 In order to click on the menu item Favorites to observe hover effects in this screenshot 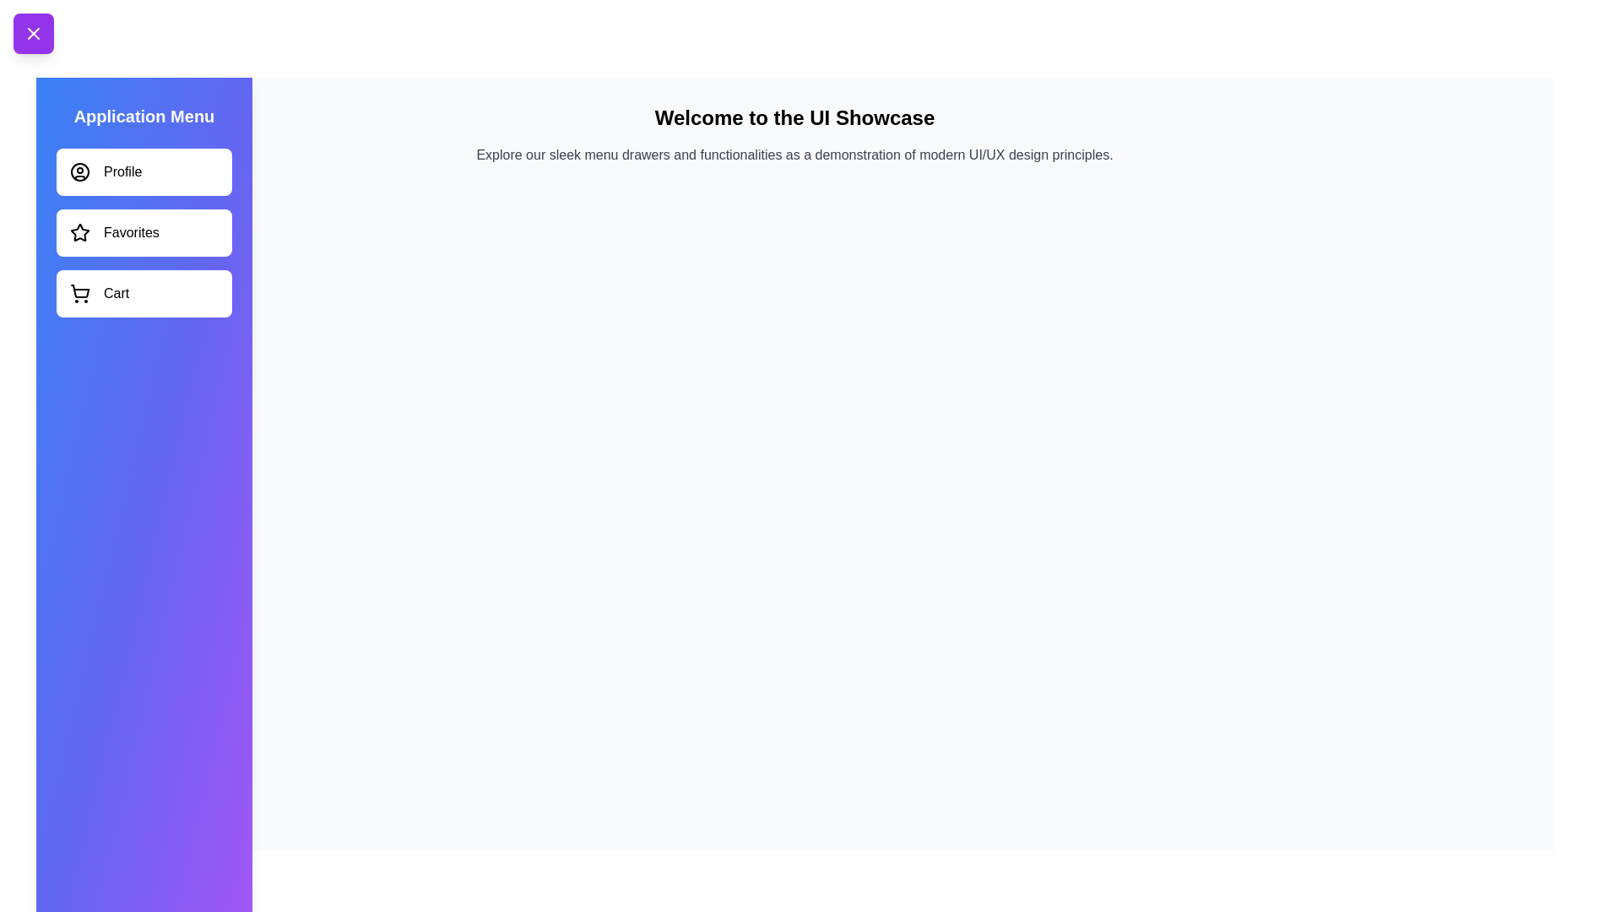, I will do `click(144, 233)`.